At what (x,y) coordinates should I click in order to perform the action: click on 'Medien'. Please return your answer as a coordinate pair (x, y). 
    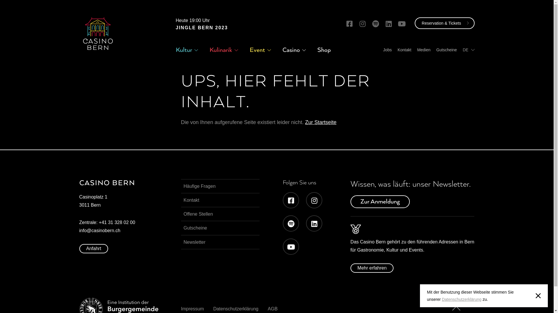
    Looking at the image, I should click on (424, 50).